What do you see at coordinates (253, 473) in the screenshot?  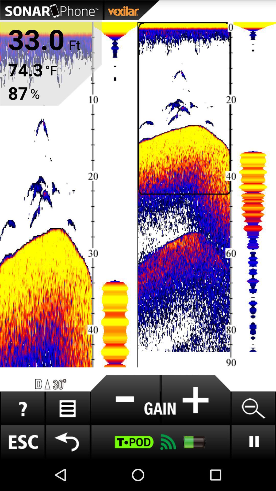 I see `the pause icon` at bounding box center [253, 473].